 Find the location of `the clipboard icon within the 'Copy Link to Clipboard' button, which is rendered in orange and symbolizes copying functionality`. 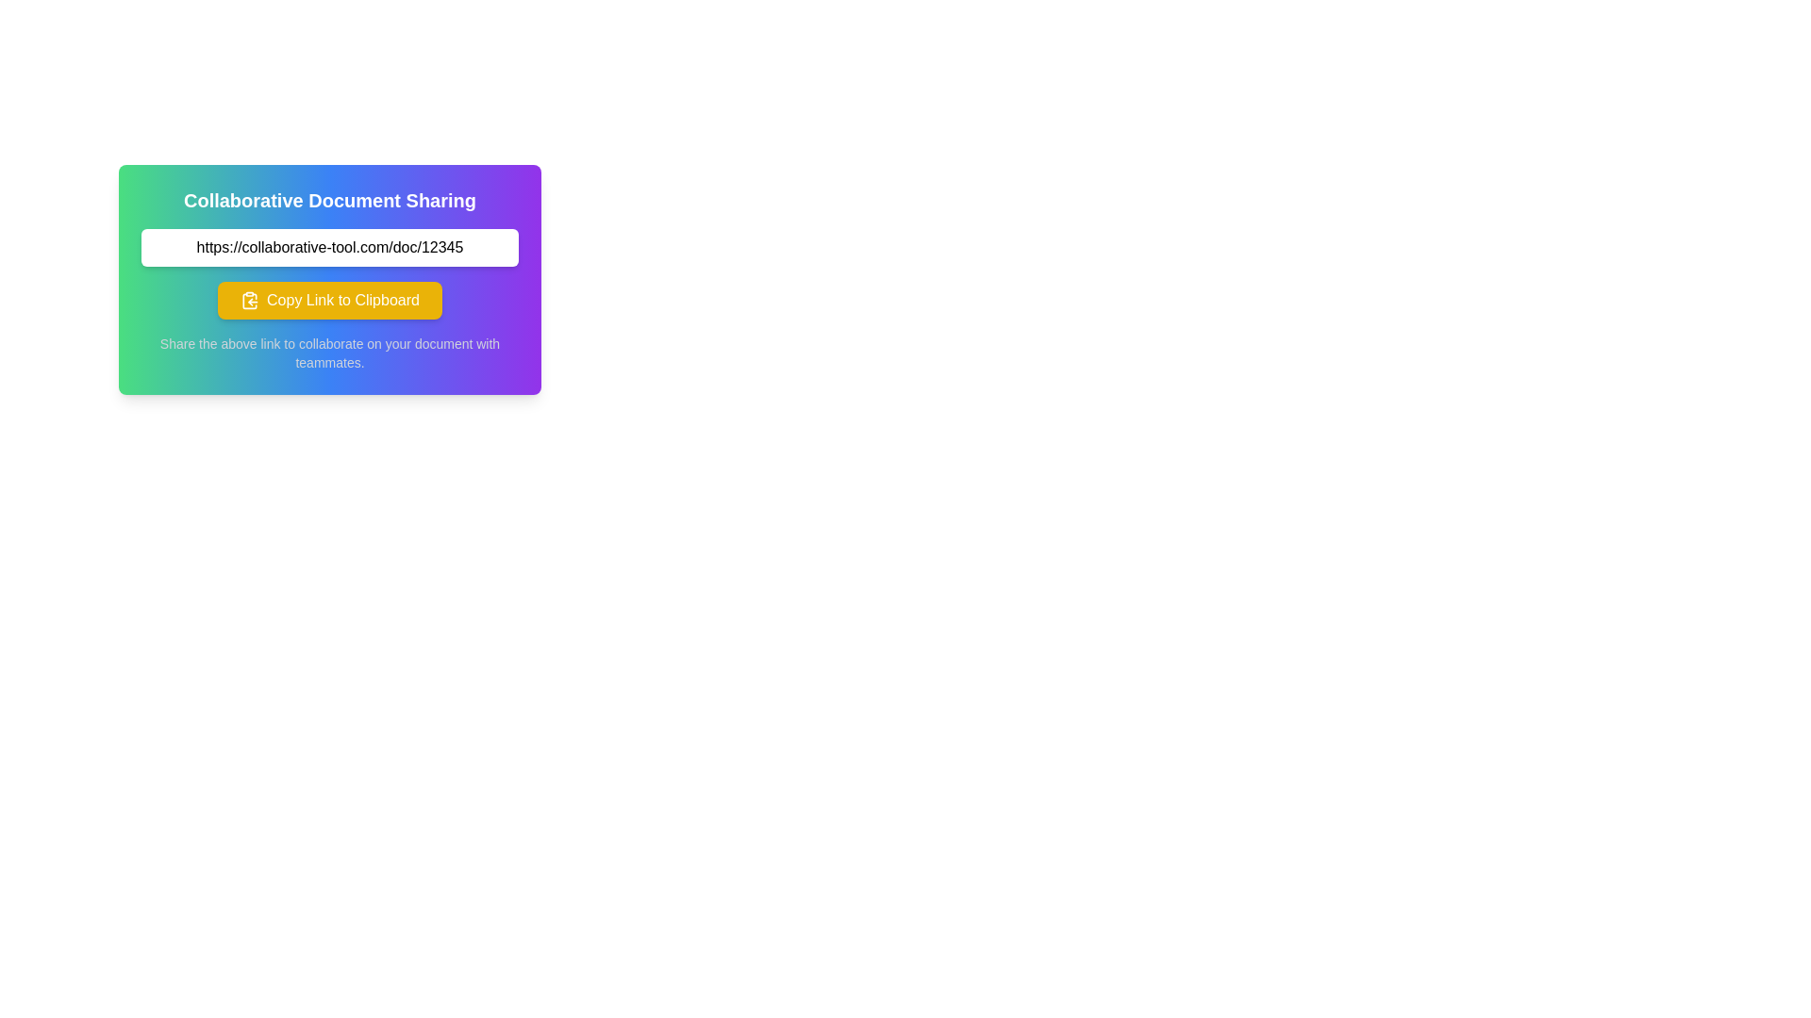

the clipboard icon within the 'Copy Link to Clipboard' button, which is rendered in orange and symbolizes copying functionality is located at coordinates (249, 300).